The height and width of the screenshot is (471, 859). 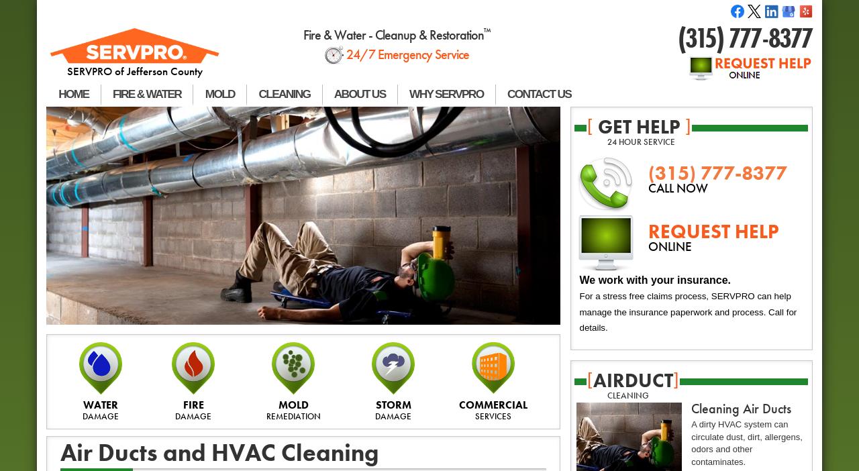 I want to click on 'ABOUT US', so click(x=359, y=93).